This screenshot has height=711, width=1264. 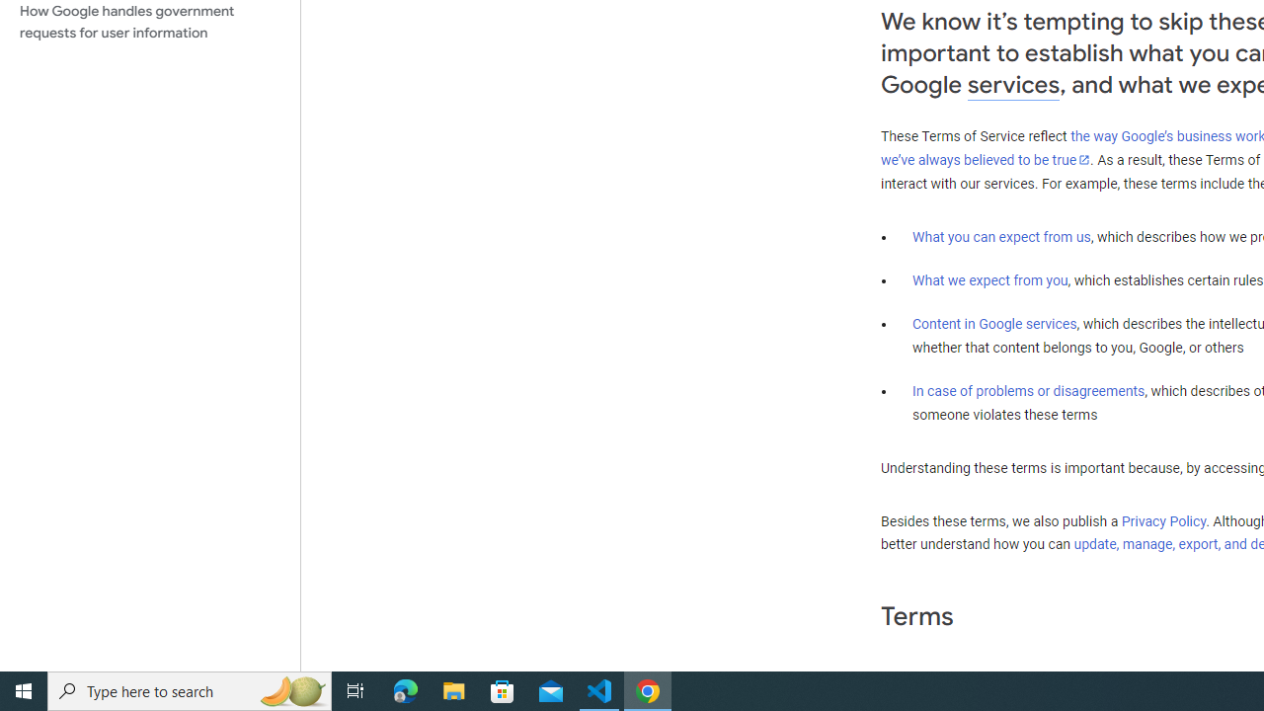 What do you see at coordinates (1001, 236) in the screenshot?
I see `'What you can expect from us'` at bounding box center [1001, 236].